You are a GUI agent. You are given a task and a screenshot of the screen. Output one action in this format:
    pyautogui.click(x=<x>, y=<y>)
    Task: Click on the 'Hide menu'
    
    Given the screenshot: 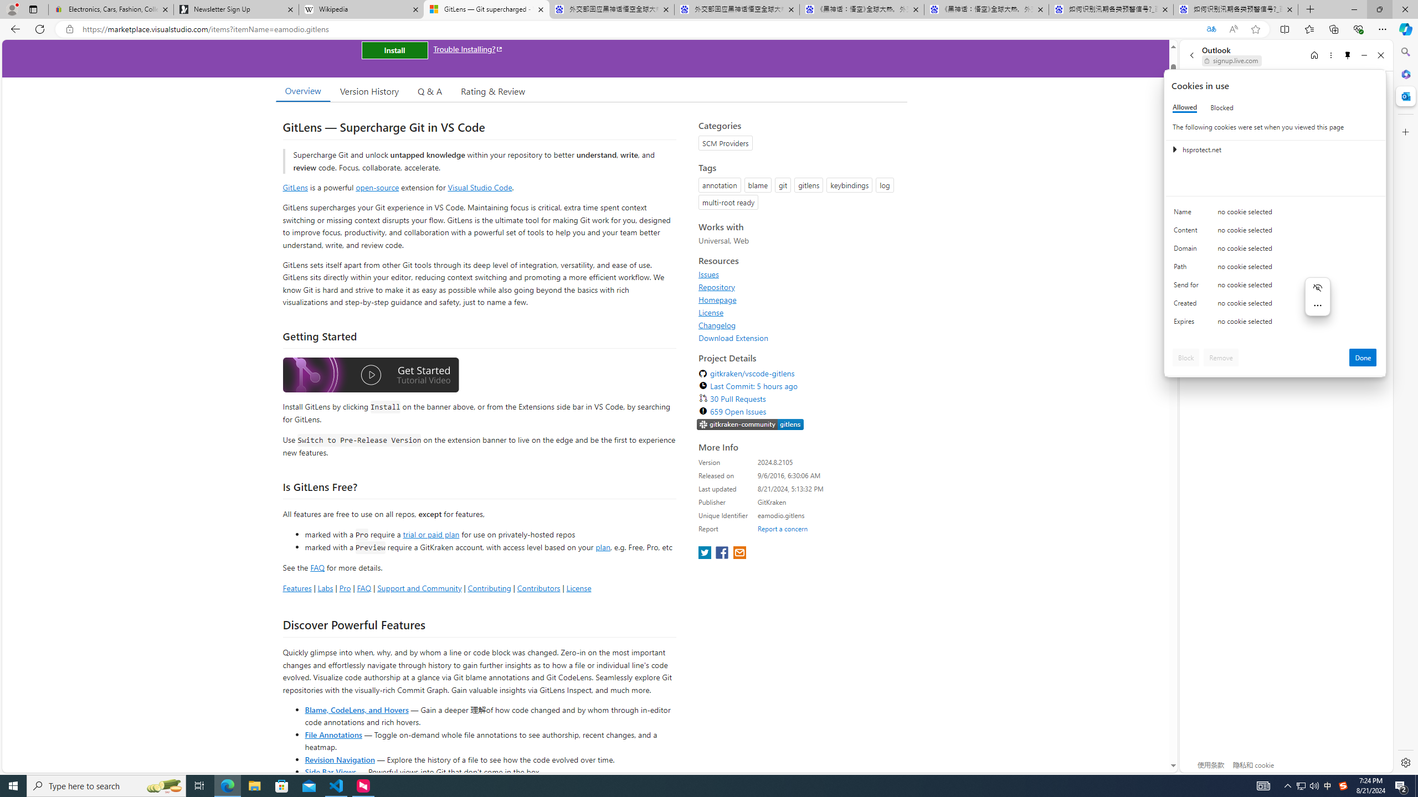 What is the action you would take?
    pyautogui.click(x=1317, y=287)
    